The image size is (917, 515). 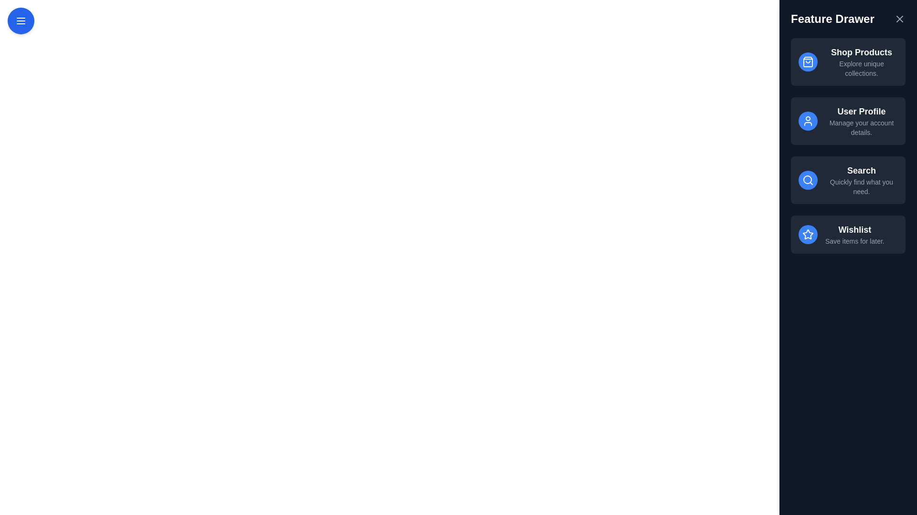 What do you see at coordinates (848, 62) in the screenshot?
I see `the feature item corresponding to Shop Products in the drawer` at bounding box center [848, 62].